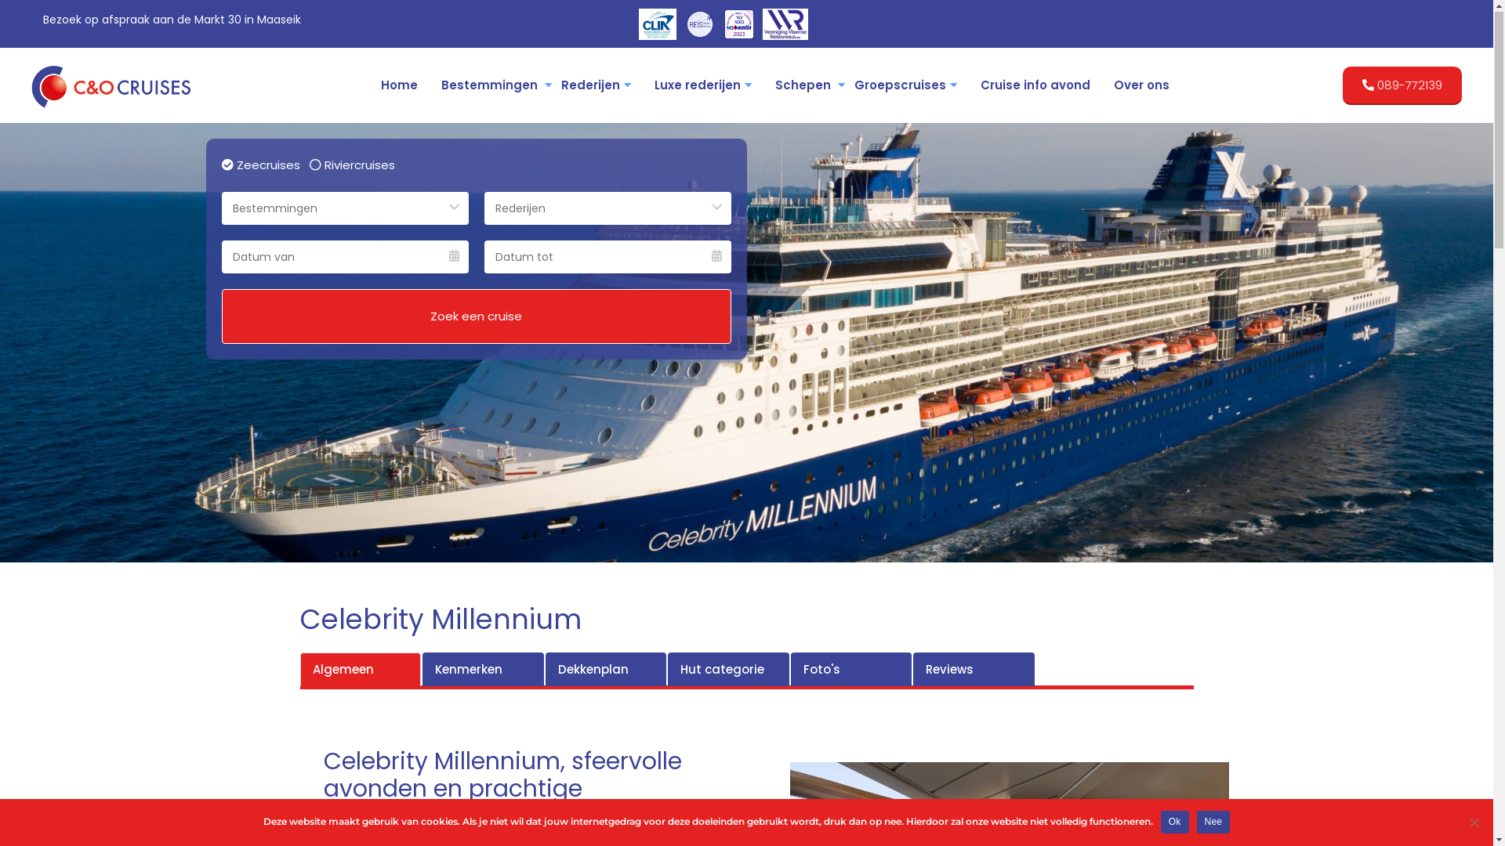 This screenshot has height=846, width=1505. Describe the element at coordinates (1402, 86) in the screenshot. I see `'089-772139'` at that location.